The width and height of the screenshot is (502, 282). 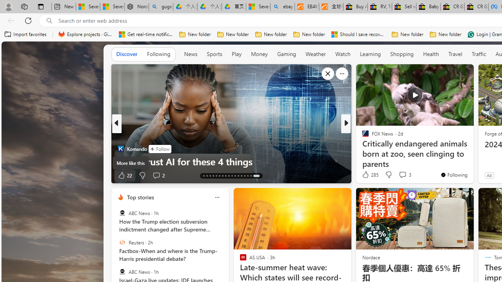 I want to click on 'Learning', so click(x=370, y=54).